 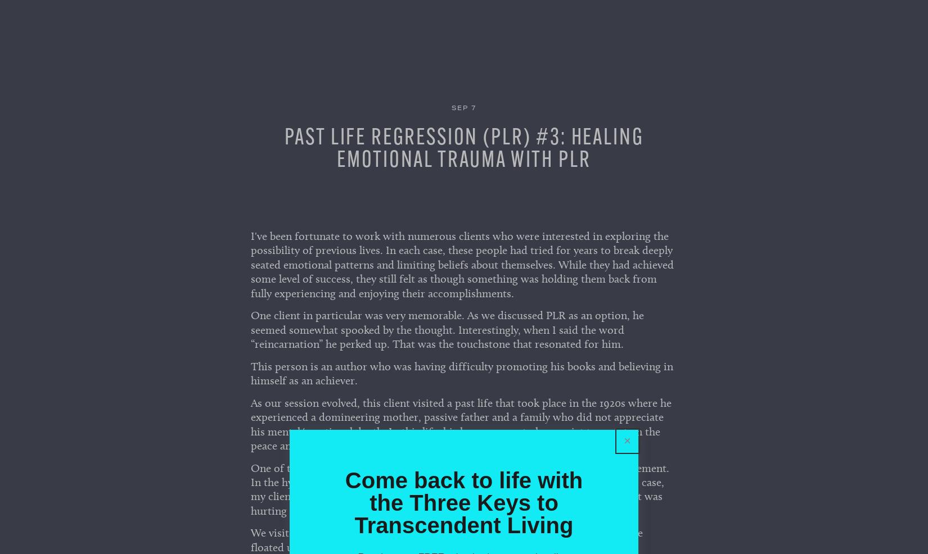 I want to click on 'Past Life Regression (PLR) #3: Healing Emotional Trauma with PLR', so click(x=283, y=153).